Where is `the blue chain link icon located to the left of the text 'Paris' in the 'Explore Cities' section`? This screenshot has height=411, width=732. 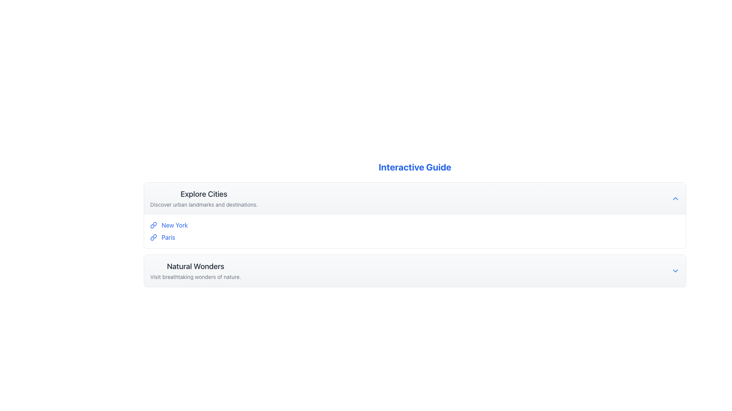
the blue chain link icon located to the left of the text 'Paris' in the 'Explore Cities' section is located at coordinates (153, 237).